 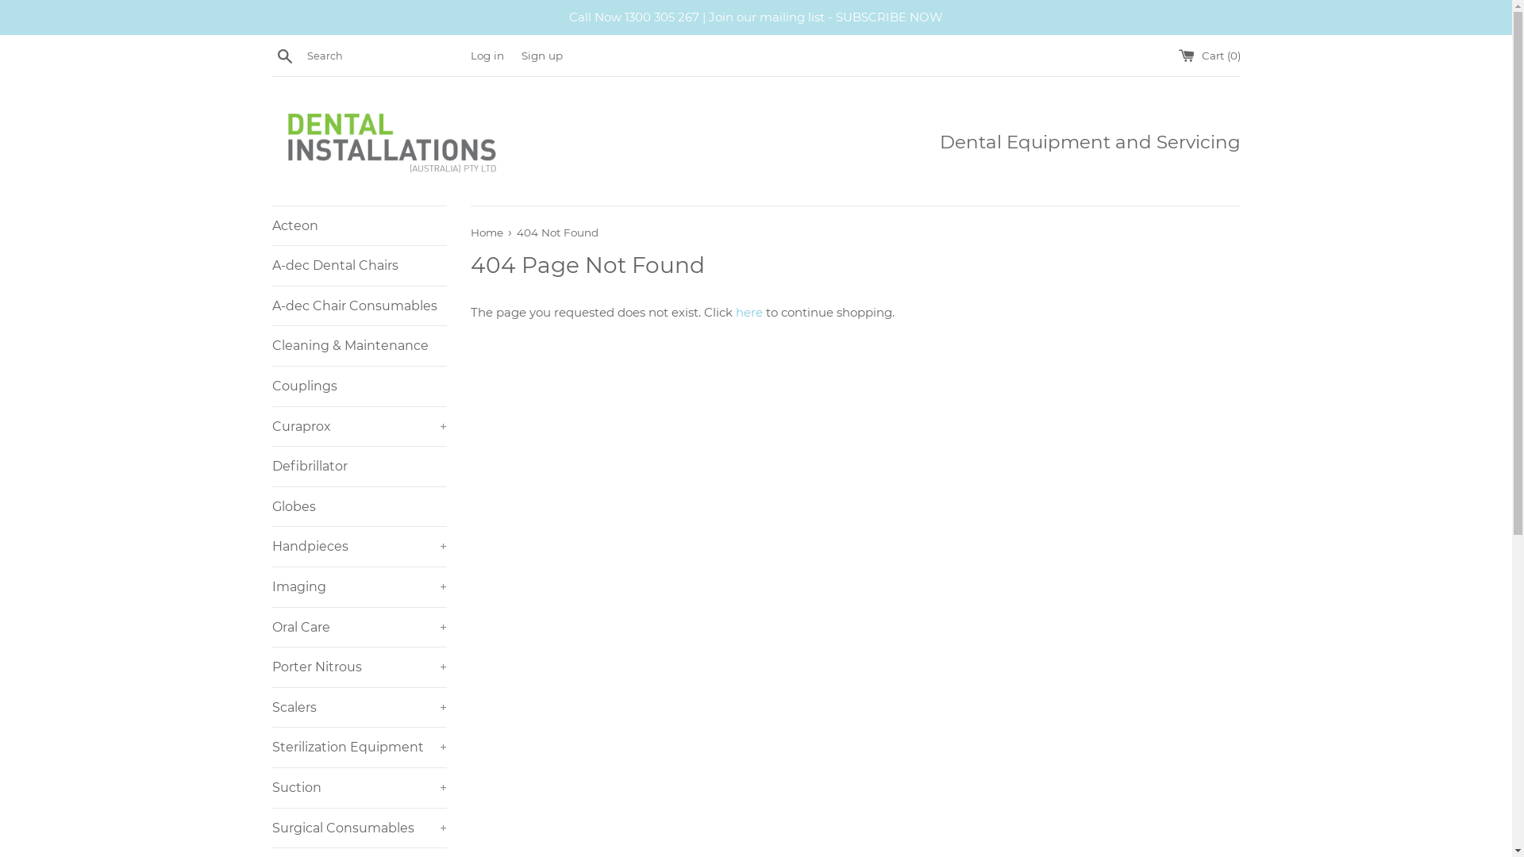 I want to click on 'Defibrillator', so click(x=357, y=465).